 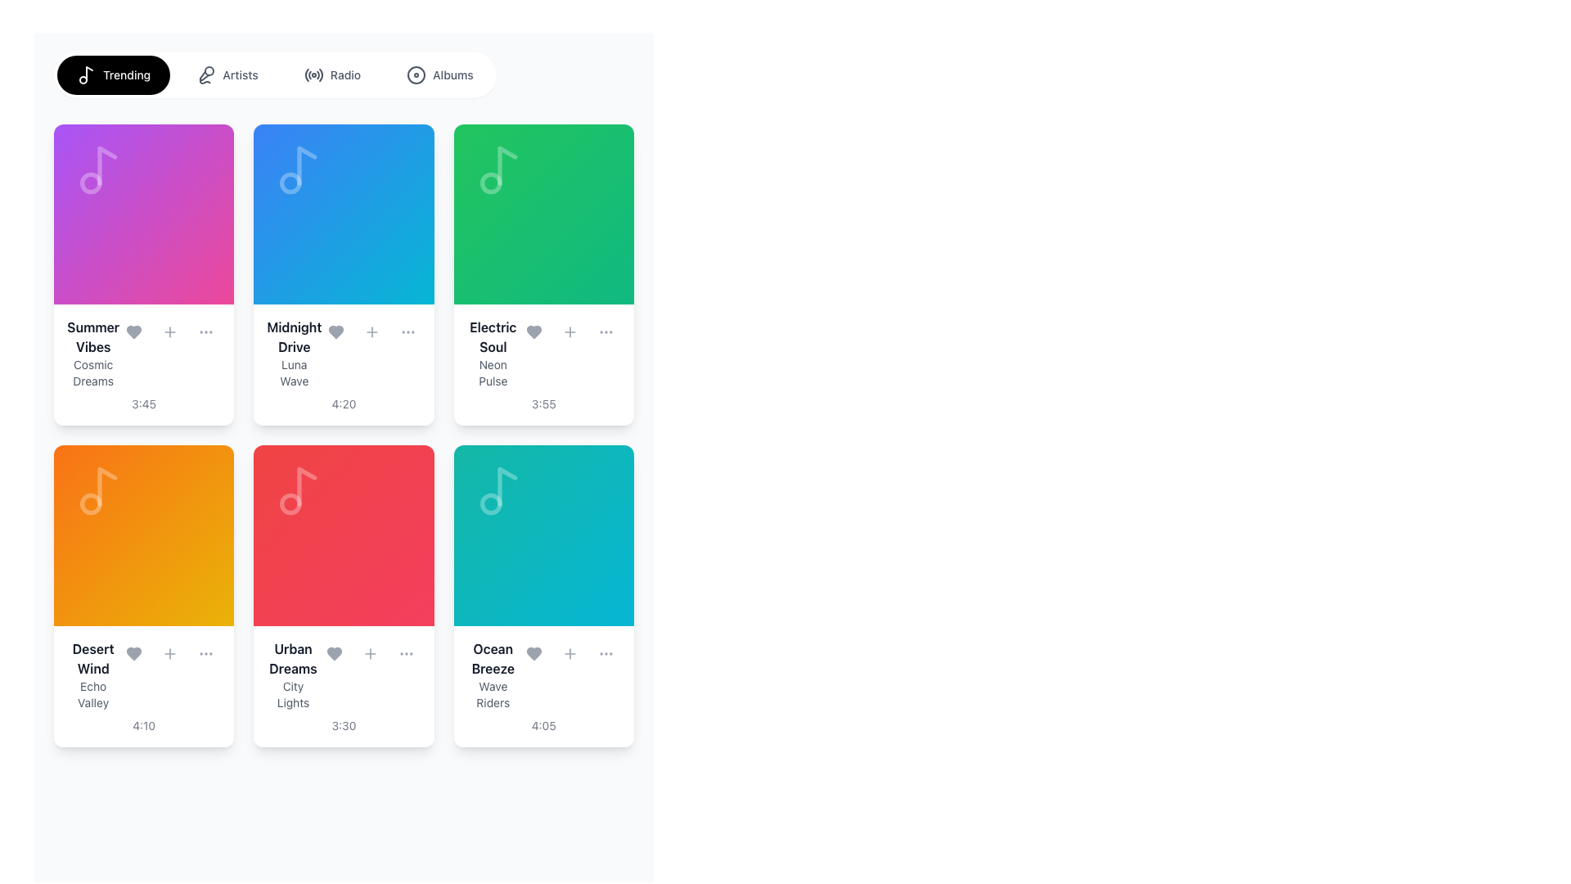 What do you see at coordinates (92, 353) in the screenshot?
I see `the Text Display element that shows the title 'Summer Vibes' and subtitle 'Cosmic Dreams'` at bounding box center [92, 353].